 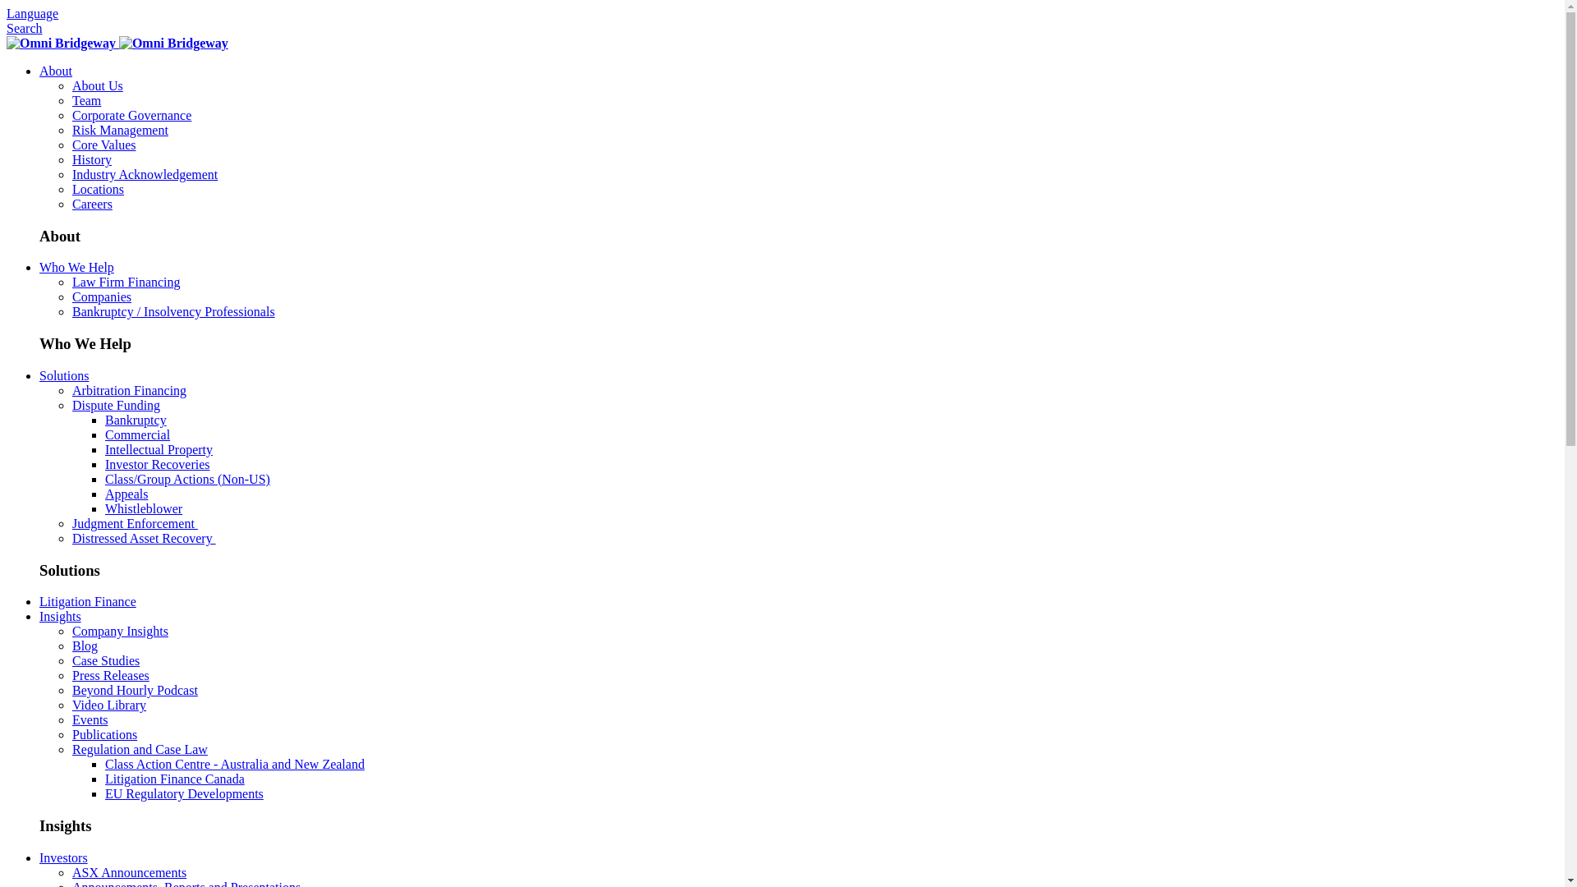 What do you see at coordinates (24, 28) in the screenshot?
I see `'Search'` at bounding box center [24, 28].